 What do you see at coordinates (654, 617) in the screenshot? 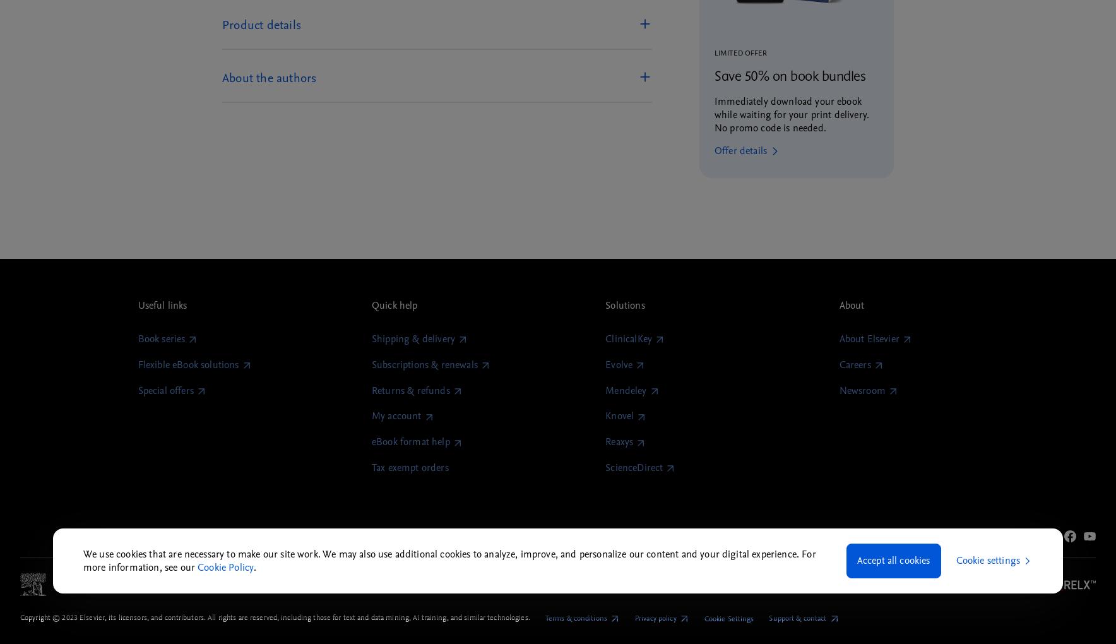
I see `'Privacy policy'` at bounding box center [654, 617].